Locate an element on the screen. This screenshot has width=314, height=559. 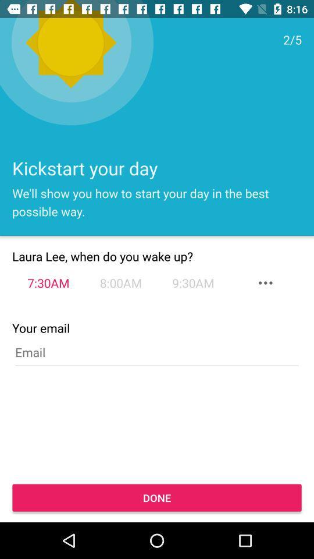
the more icon is located at coordinates (265, 282).